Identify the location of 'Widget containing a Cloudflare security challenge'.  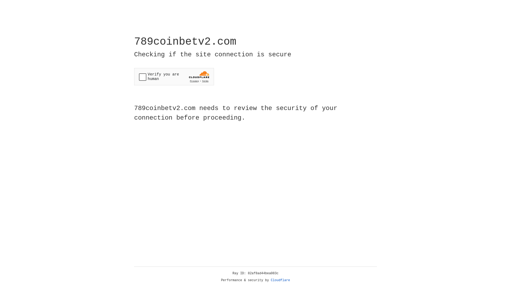
(174, 77).